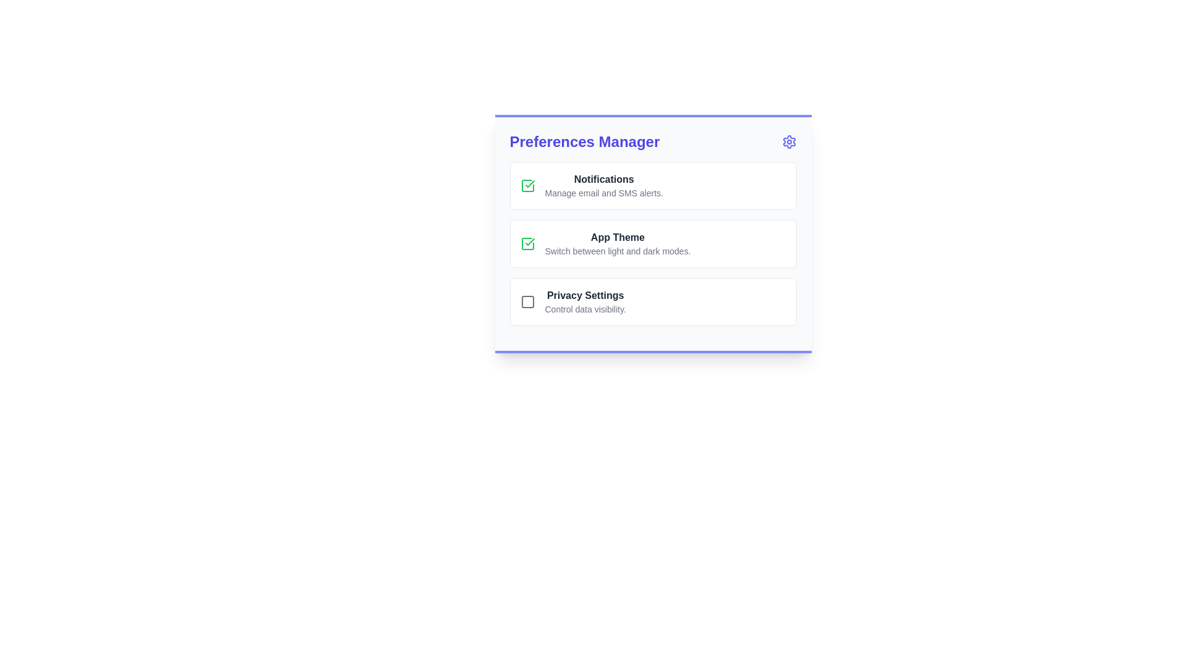 This screenshot has width=1187, height=667. Describe the element at coordinates (788, 141) in the screenshot. I see `the settings icon in the top-right corner of the Preferences Manager` at that location.